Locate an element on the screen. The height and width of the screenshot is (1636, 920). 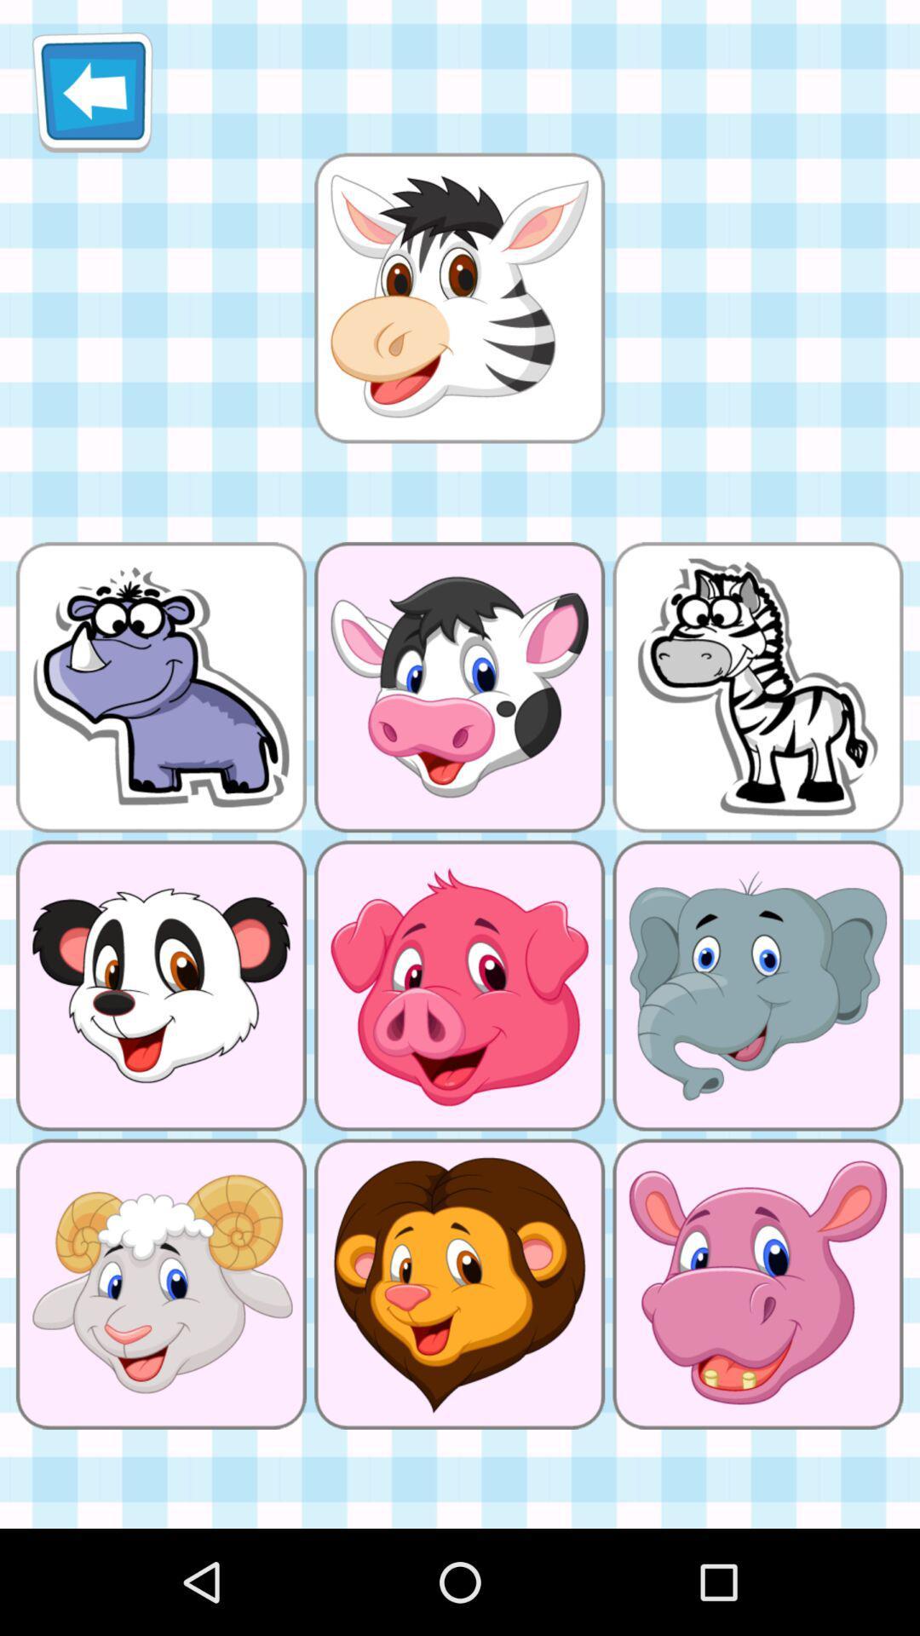
the image lion is located at coordinates (458, 1284).